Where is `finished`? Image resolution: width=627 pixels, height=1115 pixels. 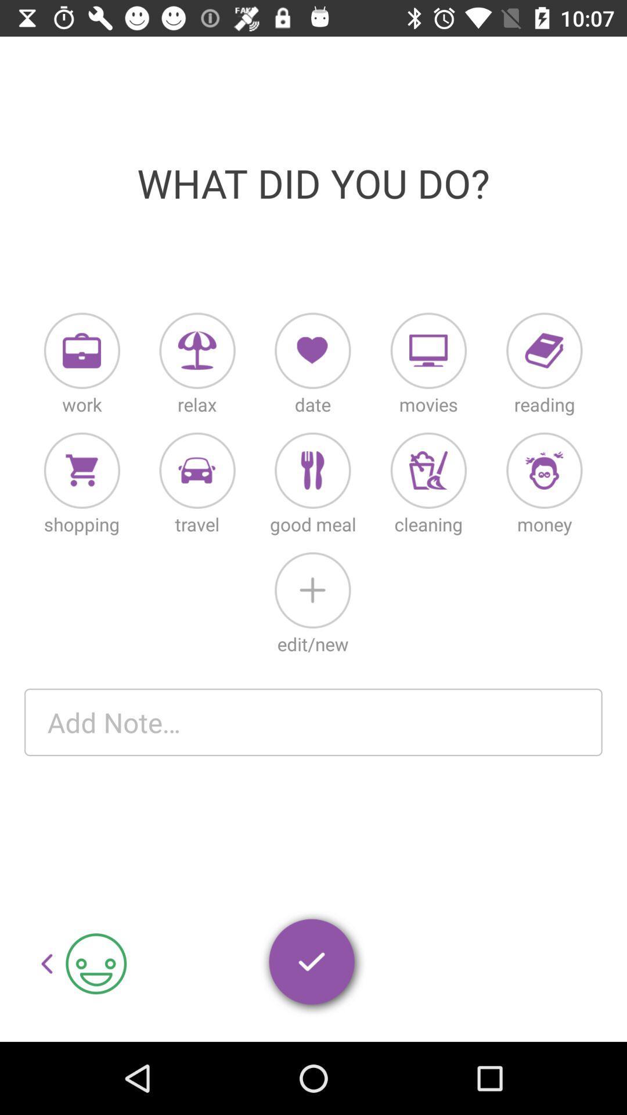 finished is located at coordinates (312, 964).